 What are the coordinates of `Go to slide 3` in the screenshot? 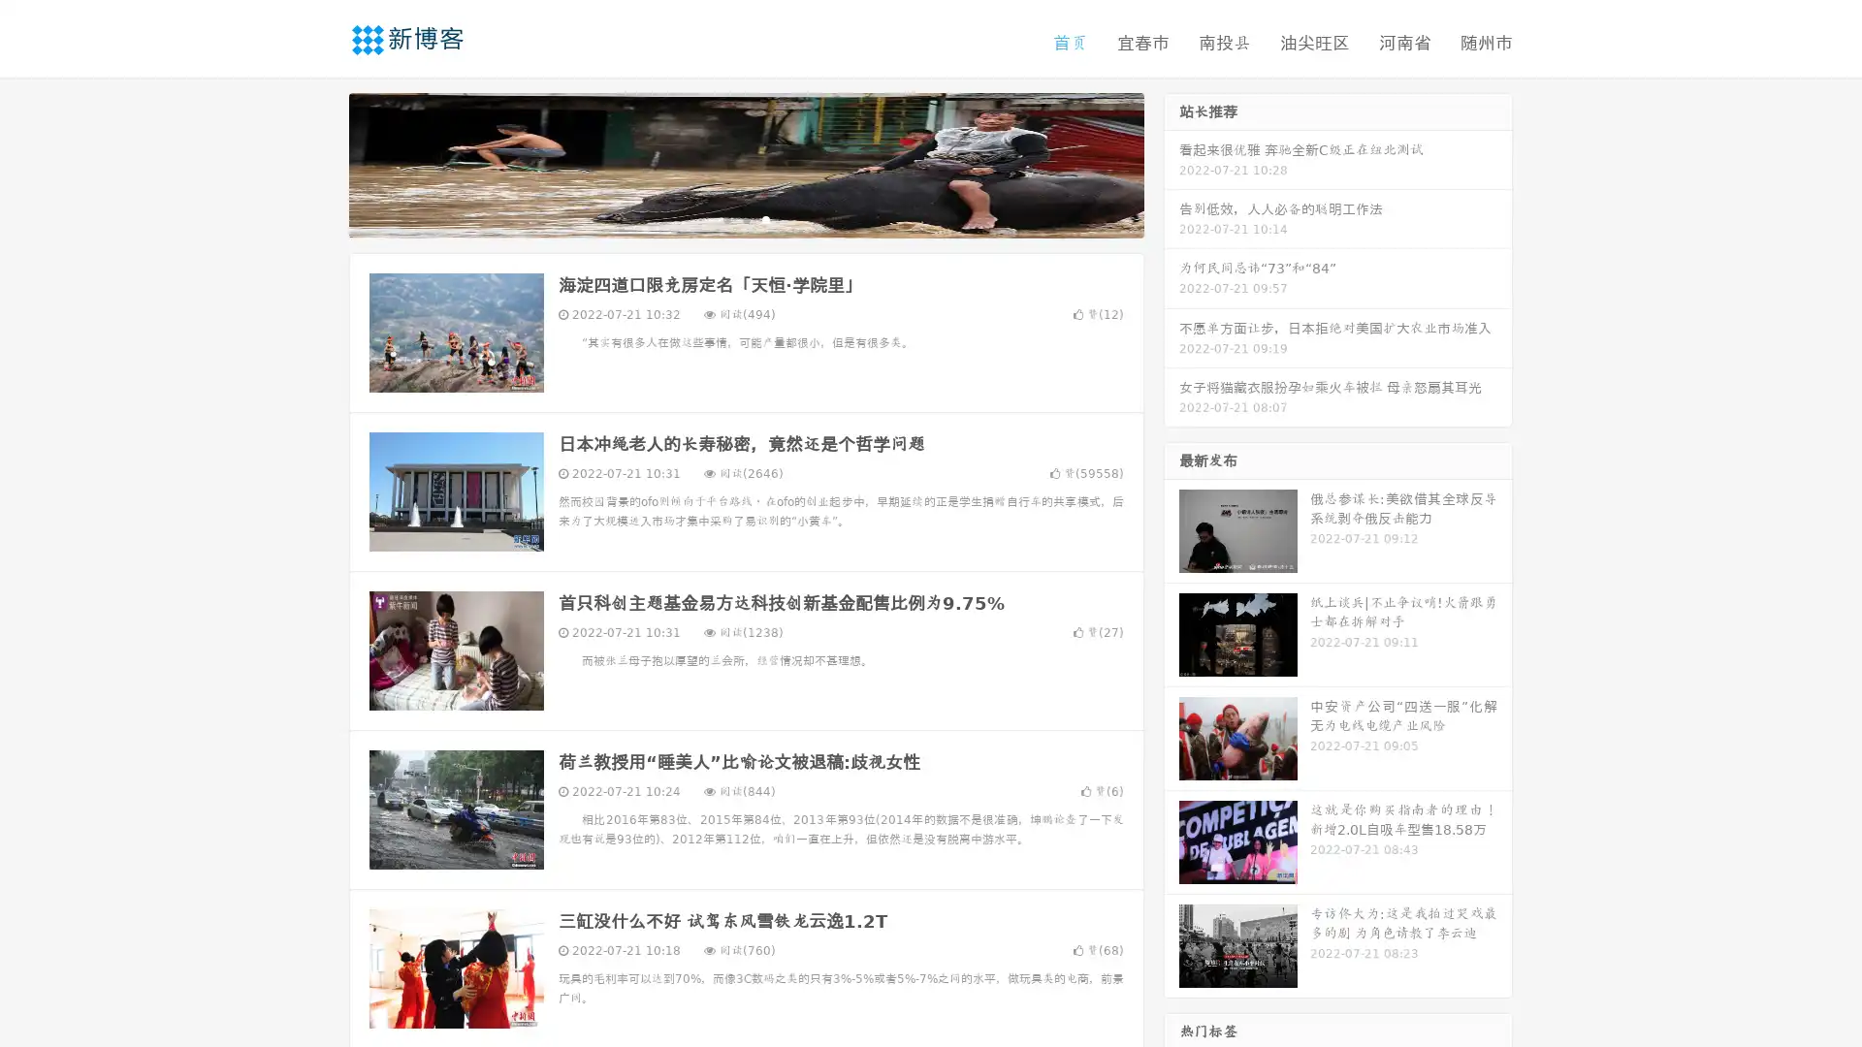 It's located at (765, 218).